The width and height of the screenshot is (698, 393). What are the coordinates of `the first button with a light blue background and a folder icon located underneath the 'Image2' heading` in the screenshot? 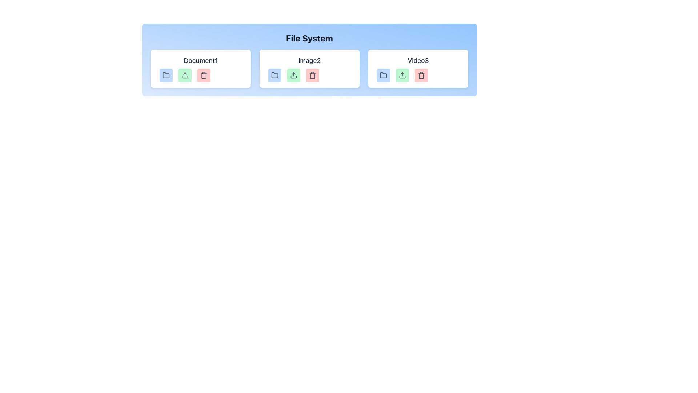 It's located at (274, 75).